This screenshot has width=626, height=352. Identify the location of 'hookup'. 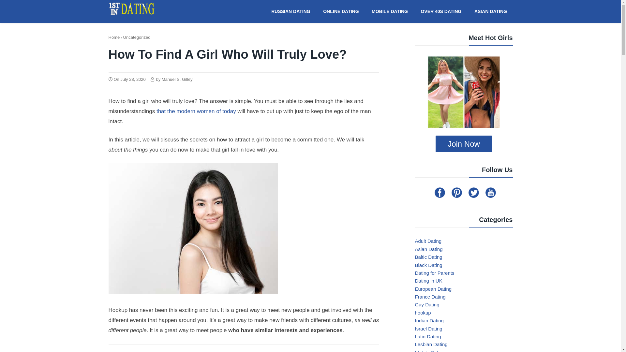
(423, 312).